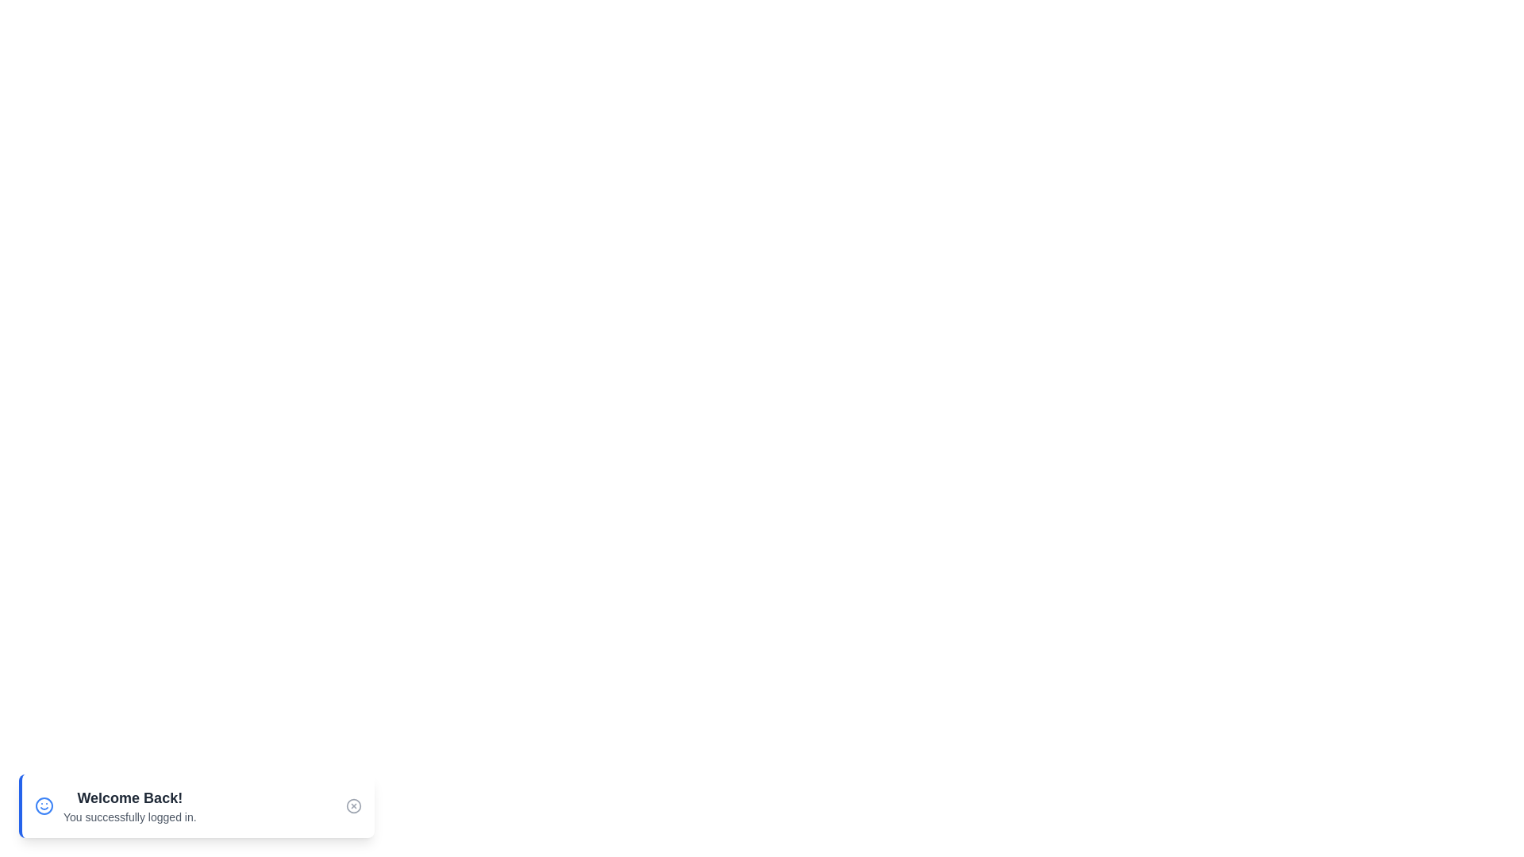 The image size is (1524, 857). I want to click on the dismiss button to close the notification, so click(353, 805).